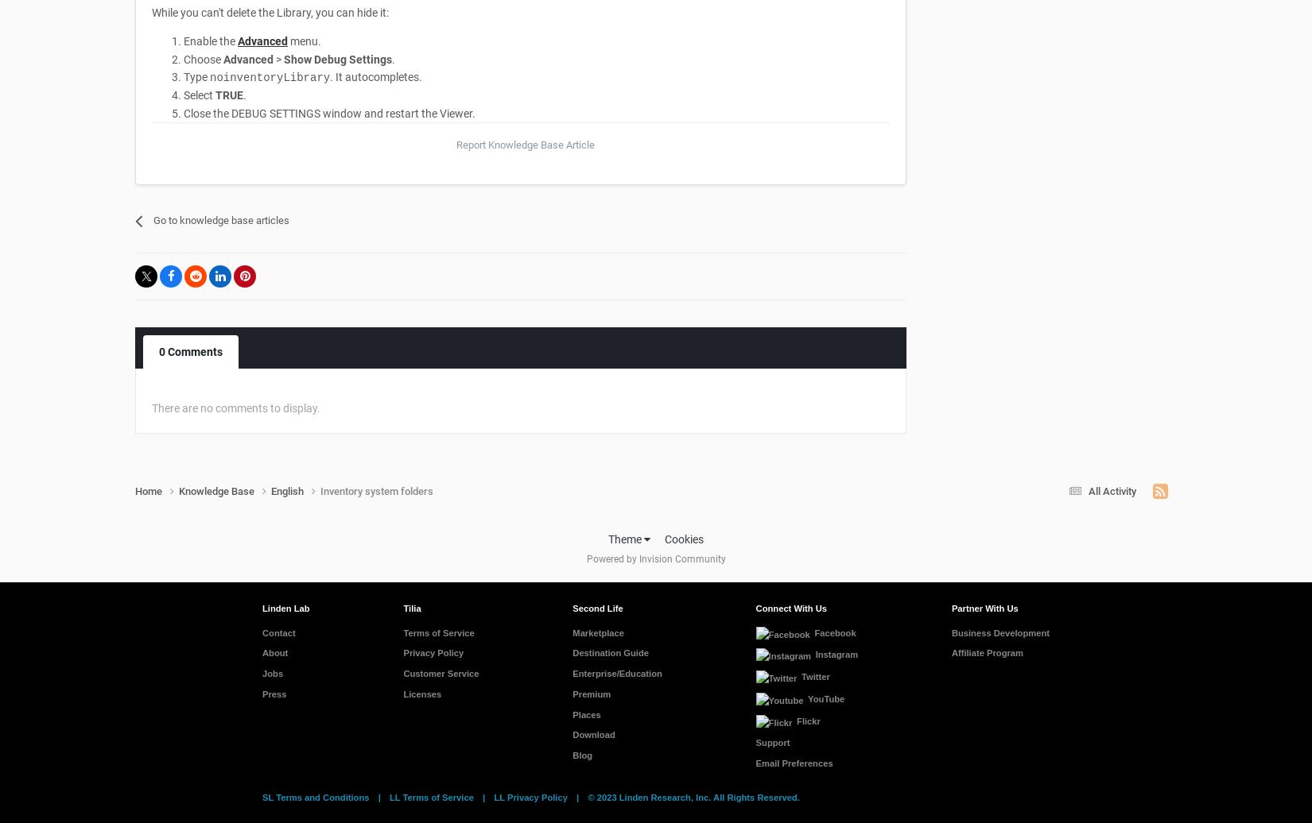 The height and width of the screenshot is (823, 1312). Describe the element at coordinates (236, 408) in the screenshot. I see `'There are no comments to display.'` at that location.